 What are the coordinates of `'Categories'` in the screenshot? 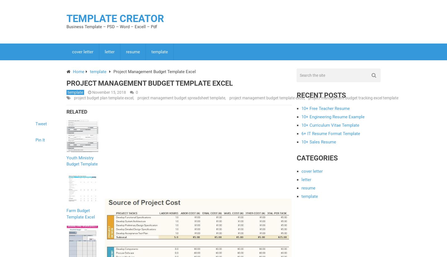 It's located at (296, 157).